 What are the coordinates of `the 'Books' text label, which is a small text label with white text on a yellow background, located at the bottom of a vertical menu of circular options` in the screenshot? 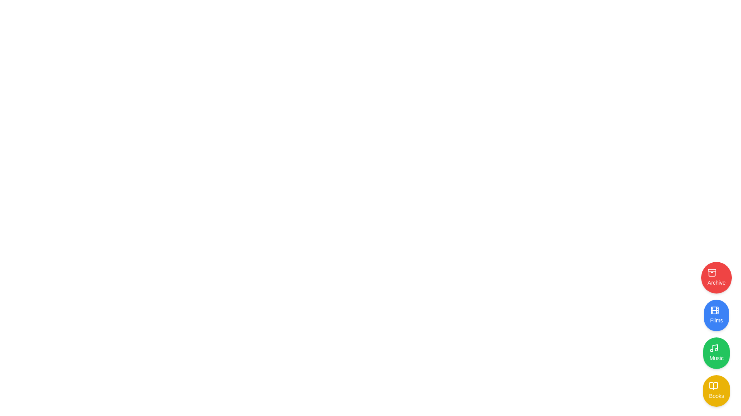 It's located at (716, 396).